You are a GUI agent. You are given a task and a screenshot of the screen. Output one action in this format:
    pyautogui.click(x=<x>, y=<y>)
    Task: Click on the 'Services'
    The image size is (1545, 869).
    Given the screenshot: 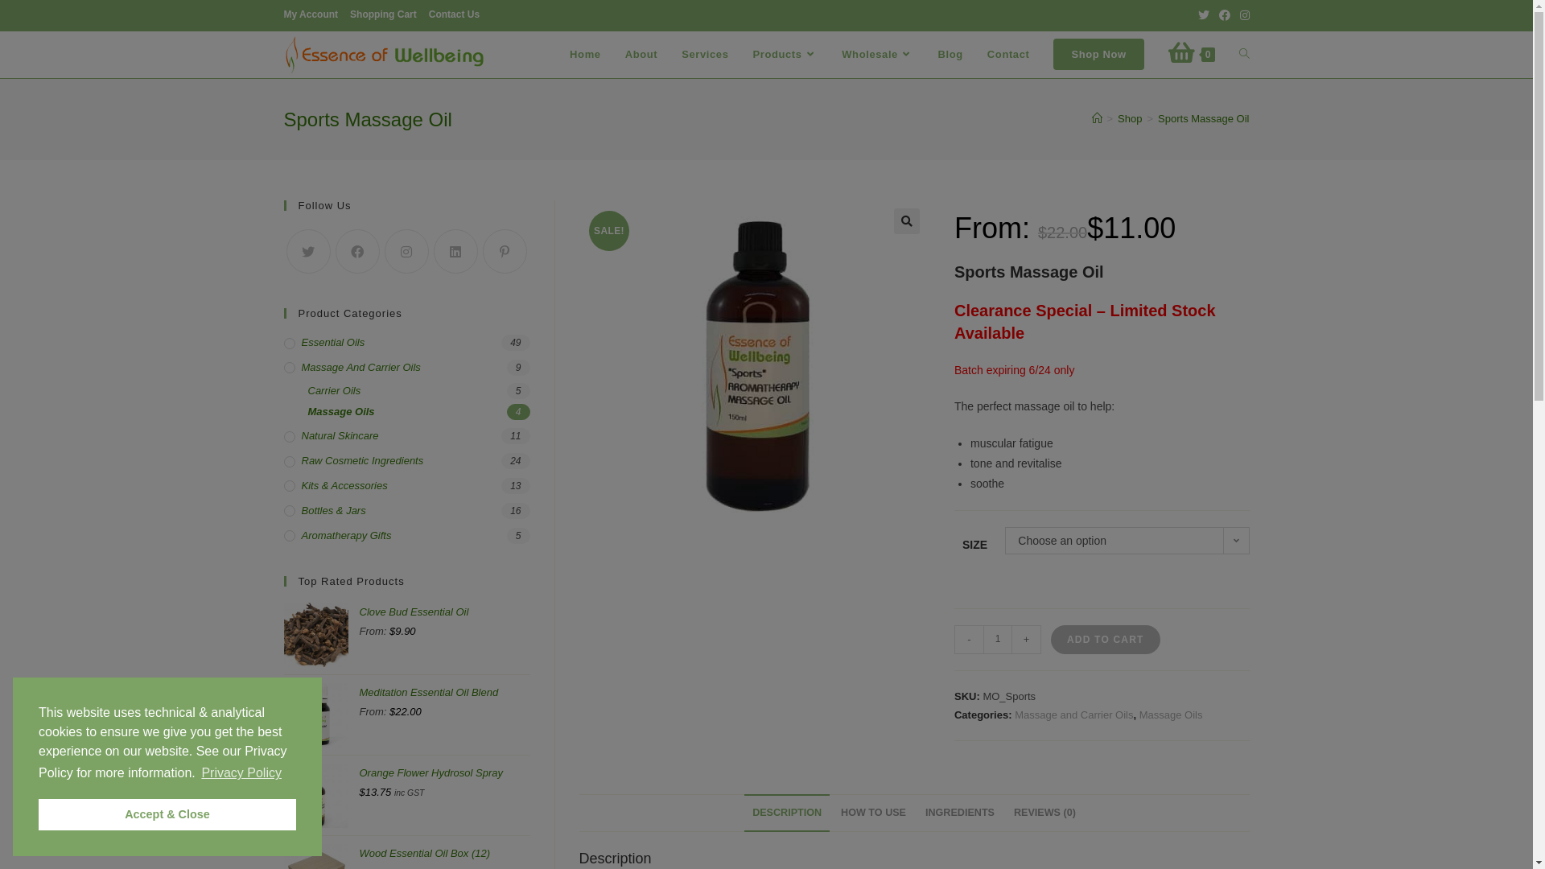 What is the action you would take?
    pyautogui.click(x=705, y=54)
    